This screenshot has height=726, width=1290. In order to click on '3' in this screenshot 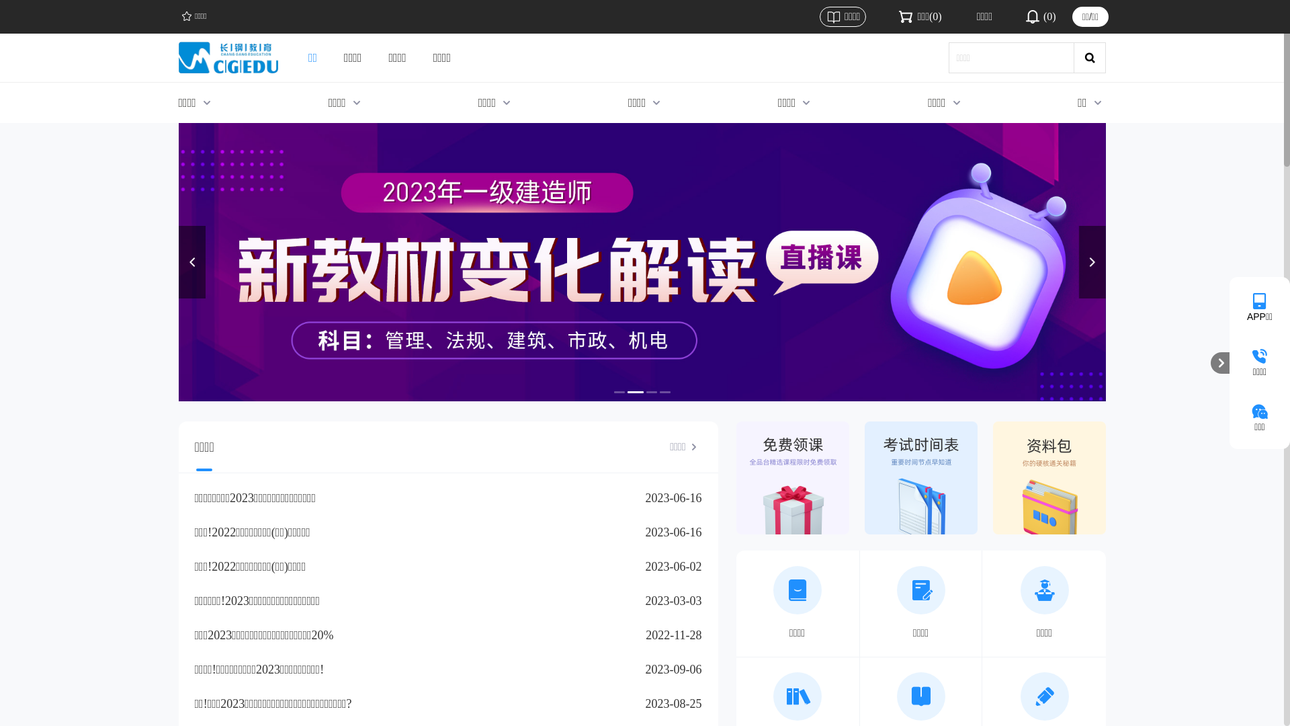, I will do `click(648, 392)`.